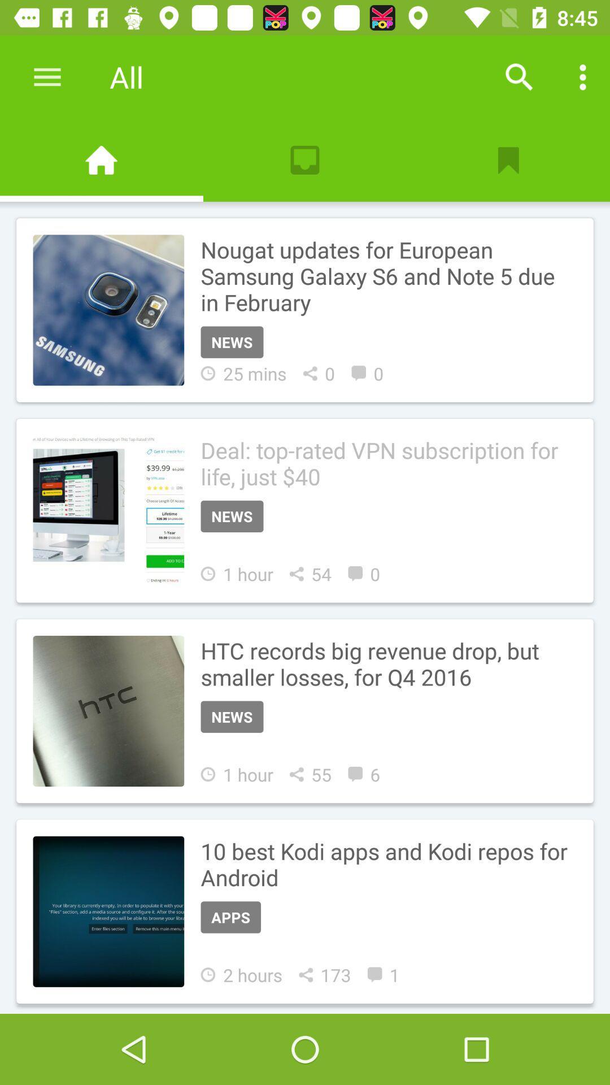 The height and width of the screenshot is (1085, 610). Describe the element at coordinates (102, 159) in the screenshot. I see `the compare icon` at that location.